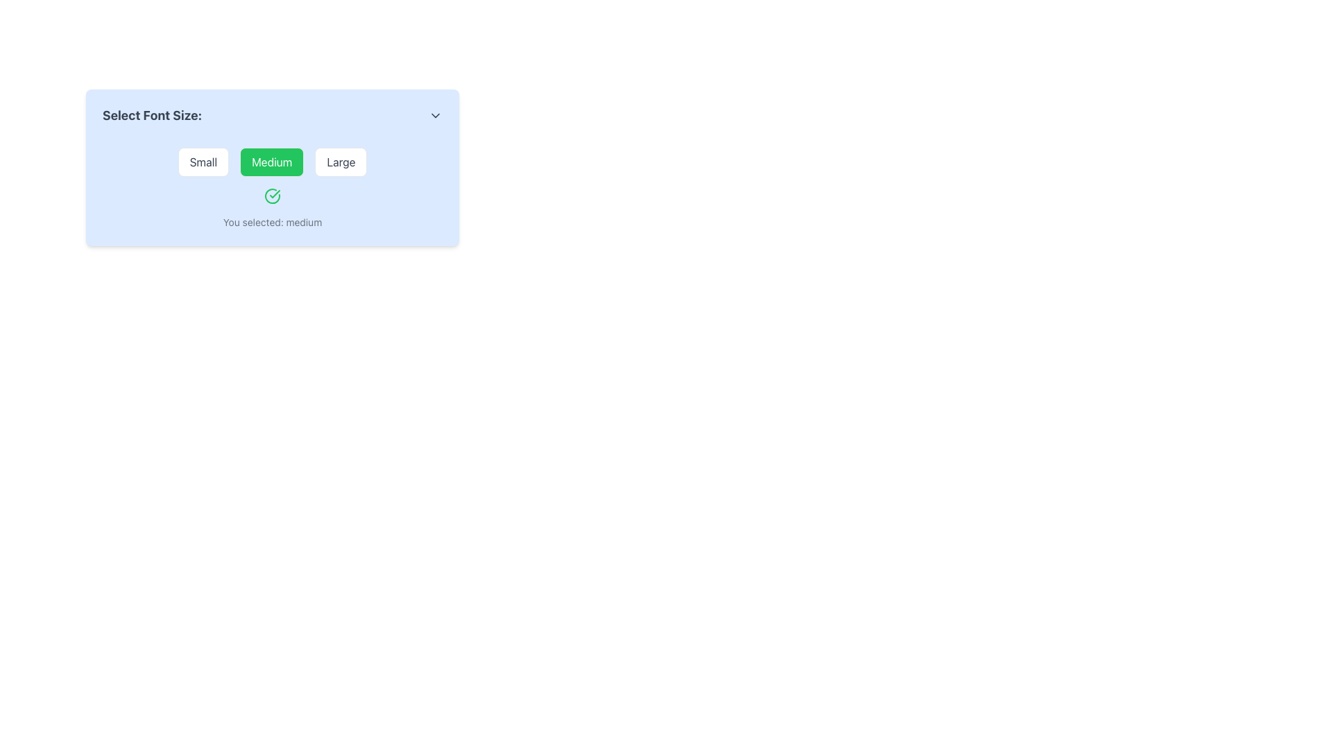 Image resolution: width=1332 pixels, height=749 pixels. What do you see at coordinates (273, 162) in the screenshot?
I see `the 'Medium' button in the font size selection group` at bounding box center [273, 162].